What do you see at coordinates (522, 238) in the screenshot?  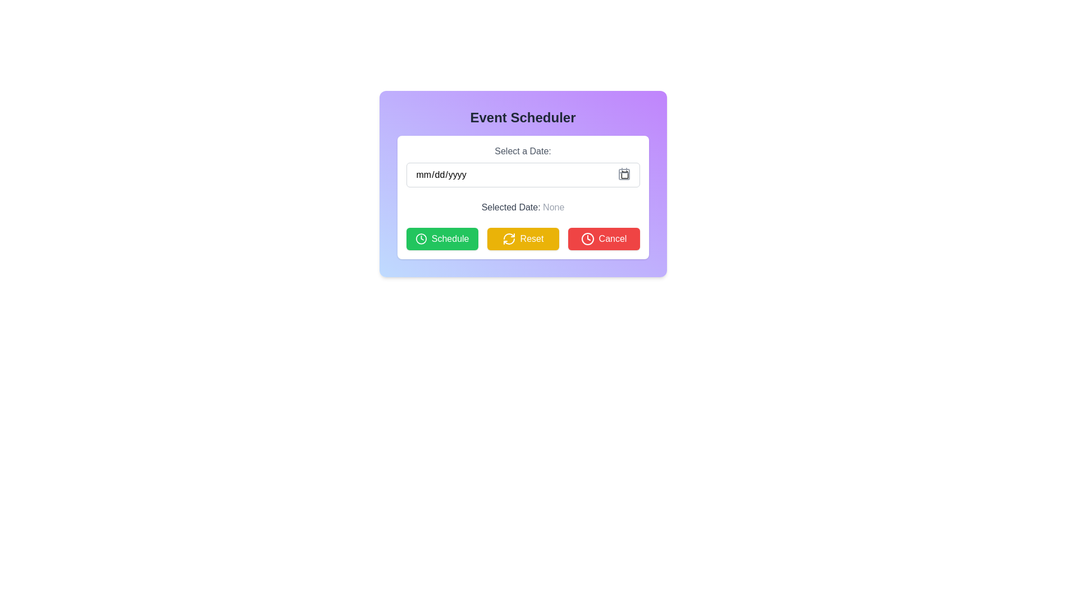 I see `the reset button located between the green 'Schedule' button and the red 'Cancel' button at the bottom of the card-like component to reset inputs` at bounding box center [522, 238].